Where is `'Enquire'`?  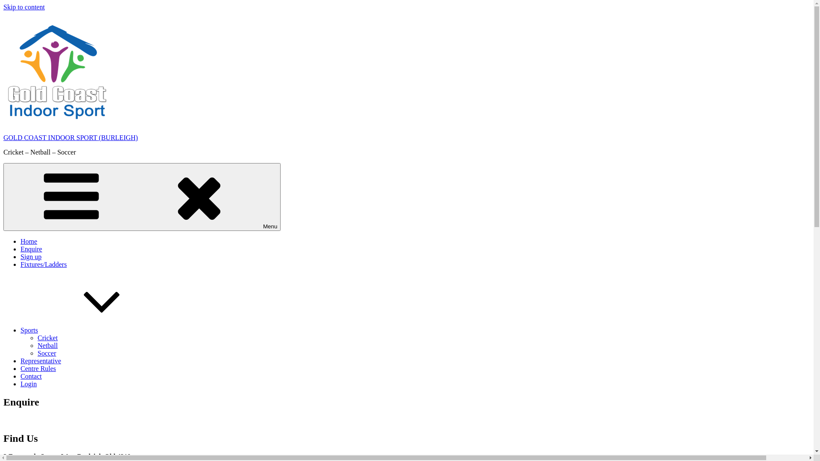 'Enquire' is located at coordinates (31, 249).